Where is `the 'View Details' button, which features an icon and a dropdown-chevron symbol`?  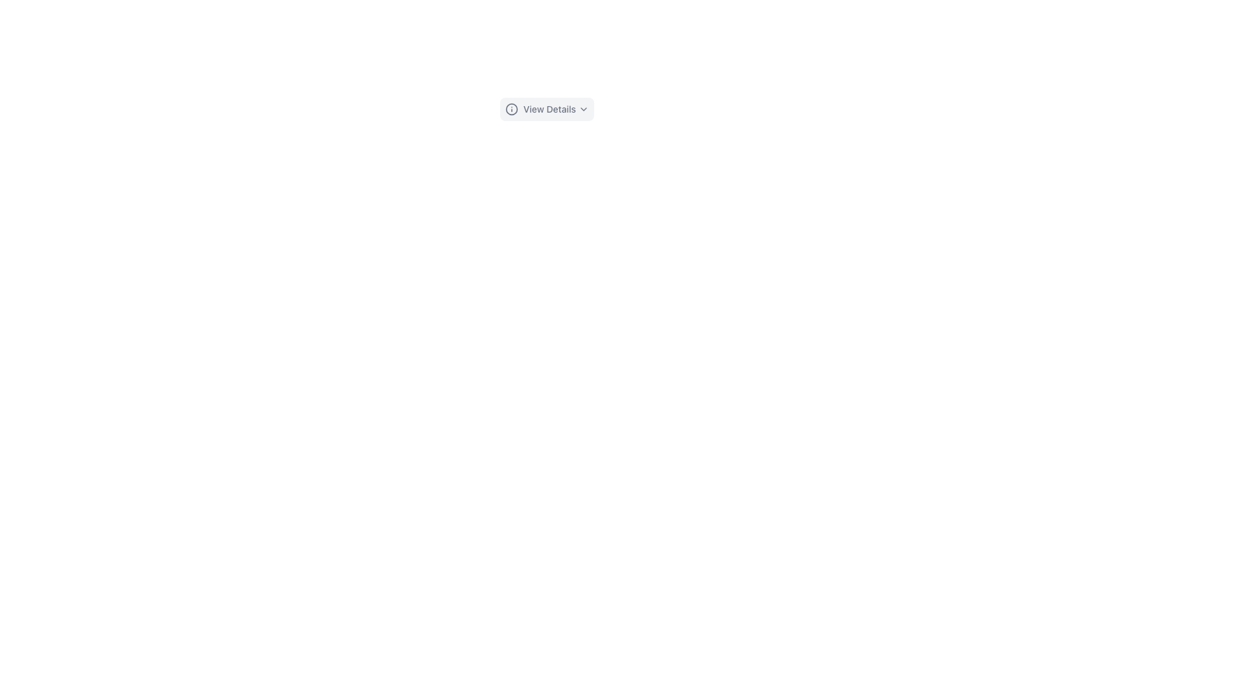
the 'View Details' button, which features an icon and a dropdown-chevron symbol is located at coordinates (547, 109).